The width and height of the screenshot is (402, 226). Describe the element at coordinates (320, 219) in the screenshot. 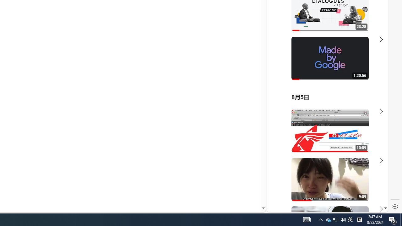

I see `'User Promoted Notification Area'` at that location.